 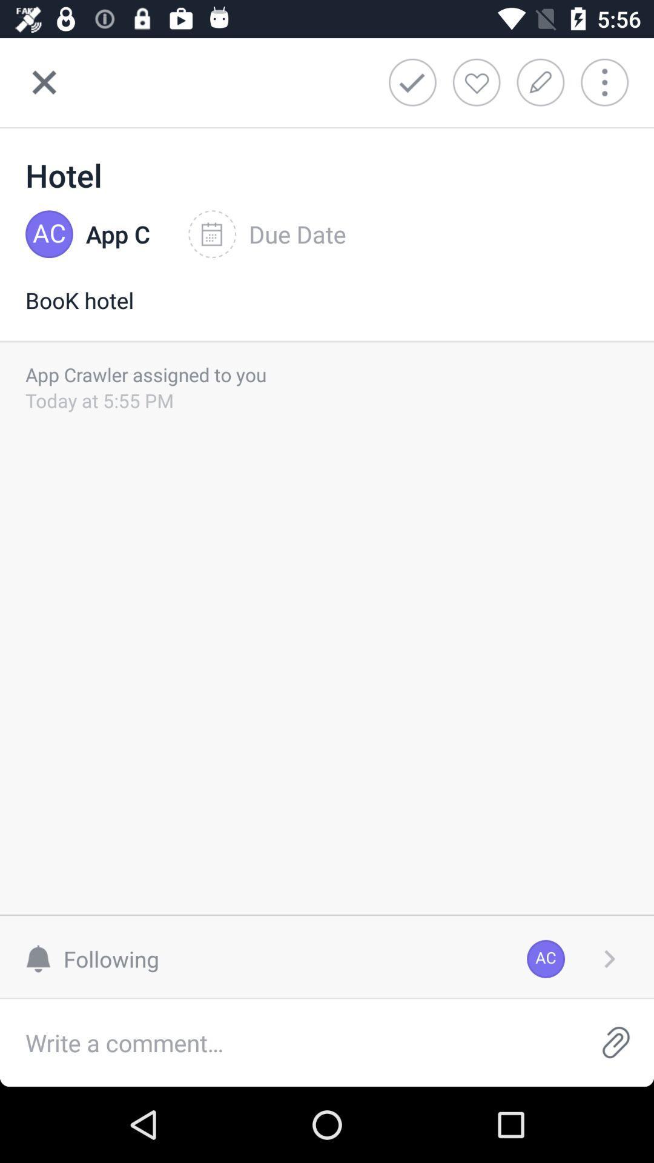 What do you see at coordinates (289, 1042) in the screenshot?
I see `the text field which says write a comment` at bounding box center [289, 1042].